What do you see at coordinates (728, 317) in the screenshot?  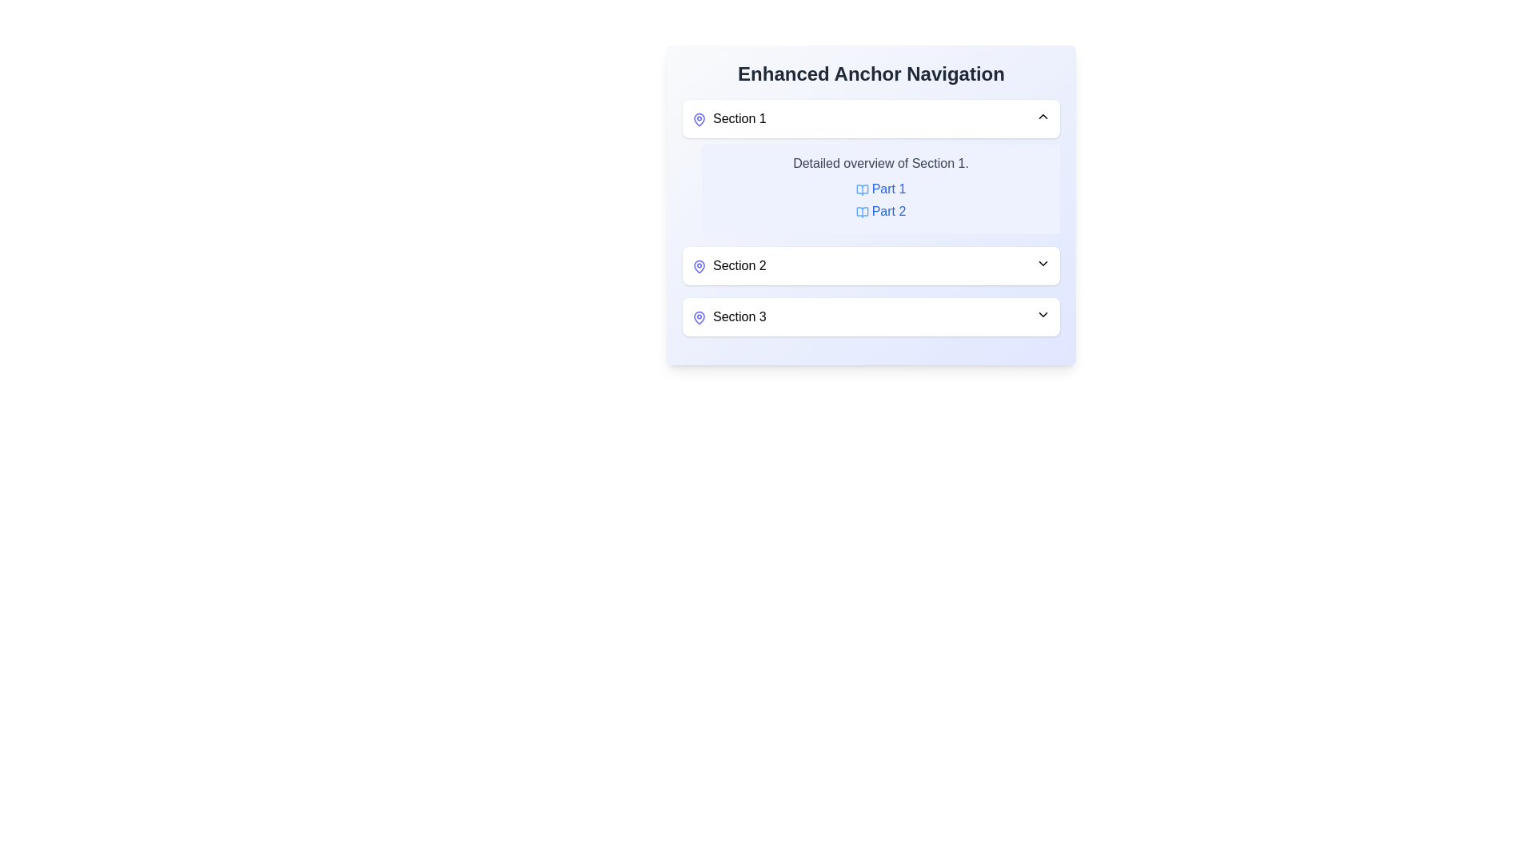 I see `the text label 'Section 3' with a blue pin icon` at bounding box center [728, 317].